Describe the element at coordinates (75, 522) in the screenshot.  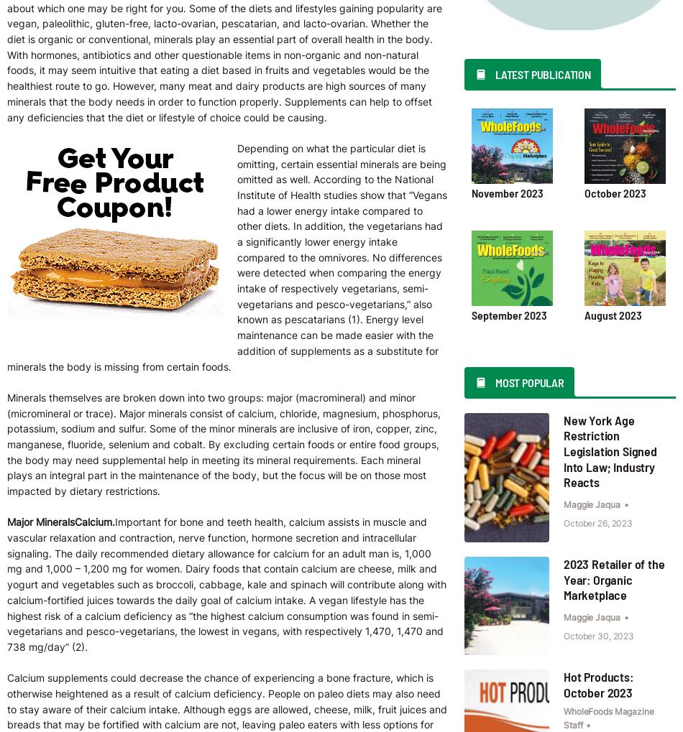
I see `'Calcium.'` at that location.